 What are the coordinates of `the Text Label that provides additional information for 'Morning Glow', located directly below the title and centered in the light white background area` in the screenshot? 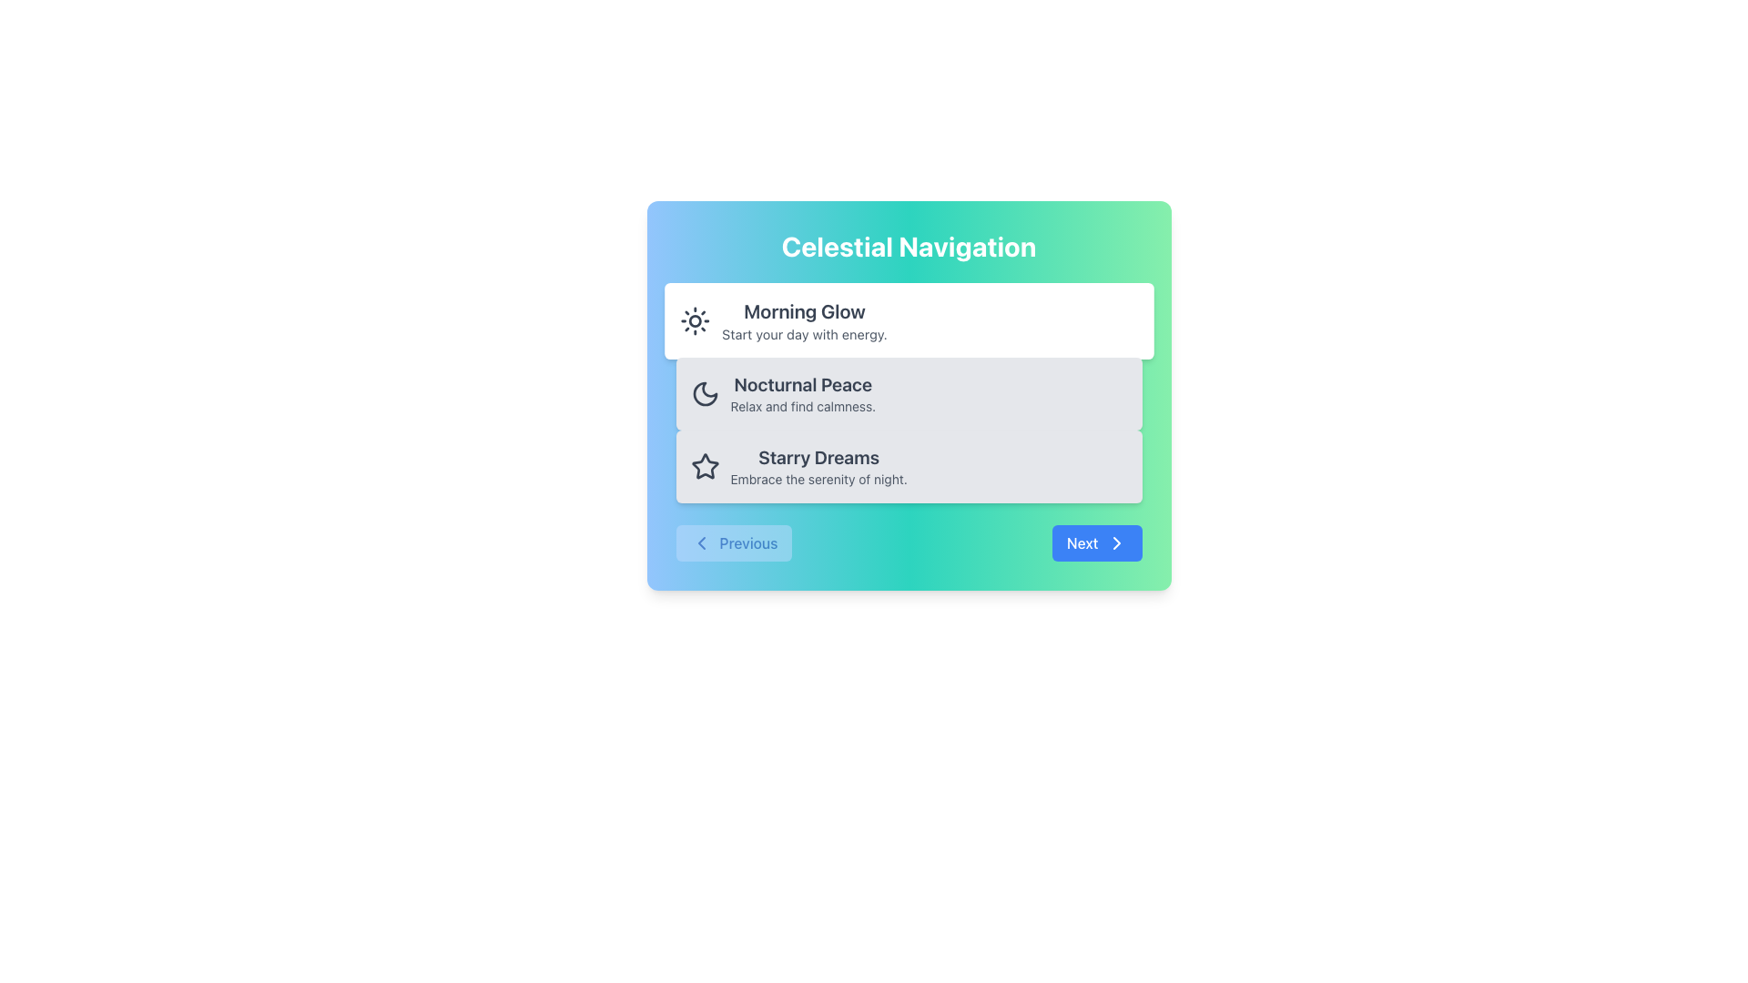 It's located at (803, 334).